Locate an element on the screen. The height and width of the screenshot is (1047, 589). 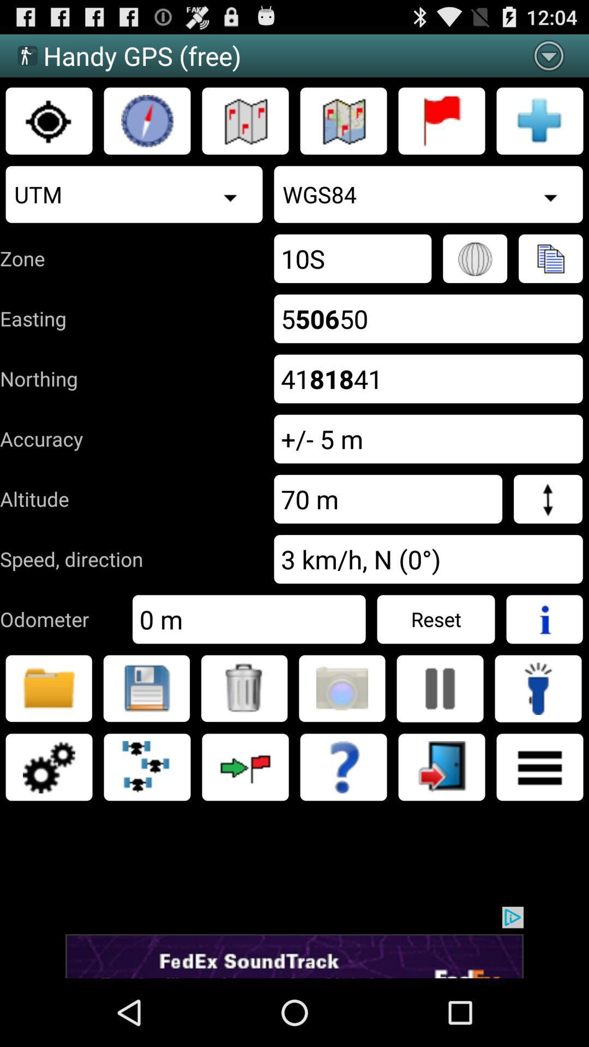
the menu icon is located at coordinates (540, 821).